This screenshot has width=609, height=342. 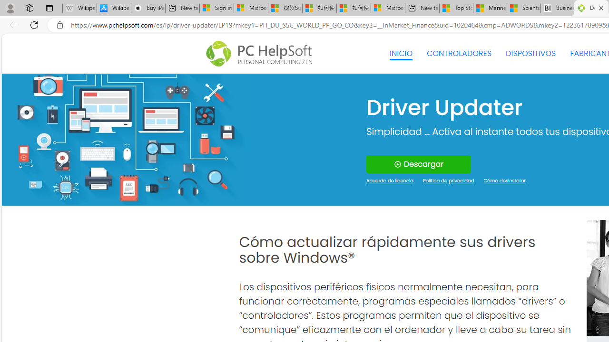 I want to click on 'Top Stories - MSN', so click(x=456, y=8).